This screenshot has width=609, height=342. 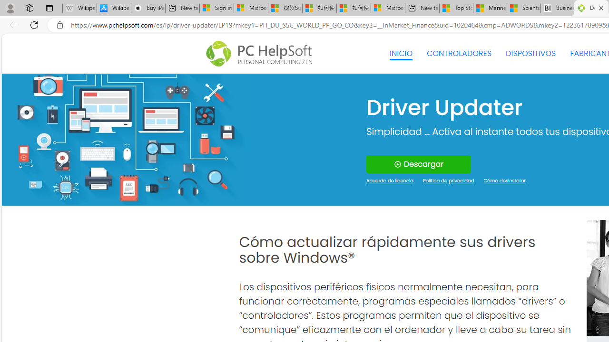 I want to click on 'Top Stories - MSN', so click(x=456, y=8).